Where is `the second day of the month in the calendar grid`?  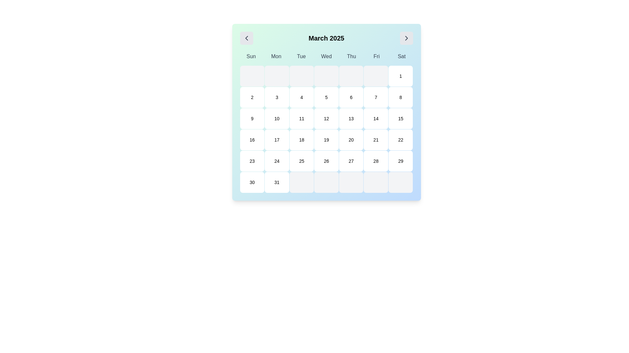 the second day of the month in the calendar grid is located at coordinates (252, 97).